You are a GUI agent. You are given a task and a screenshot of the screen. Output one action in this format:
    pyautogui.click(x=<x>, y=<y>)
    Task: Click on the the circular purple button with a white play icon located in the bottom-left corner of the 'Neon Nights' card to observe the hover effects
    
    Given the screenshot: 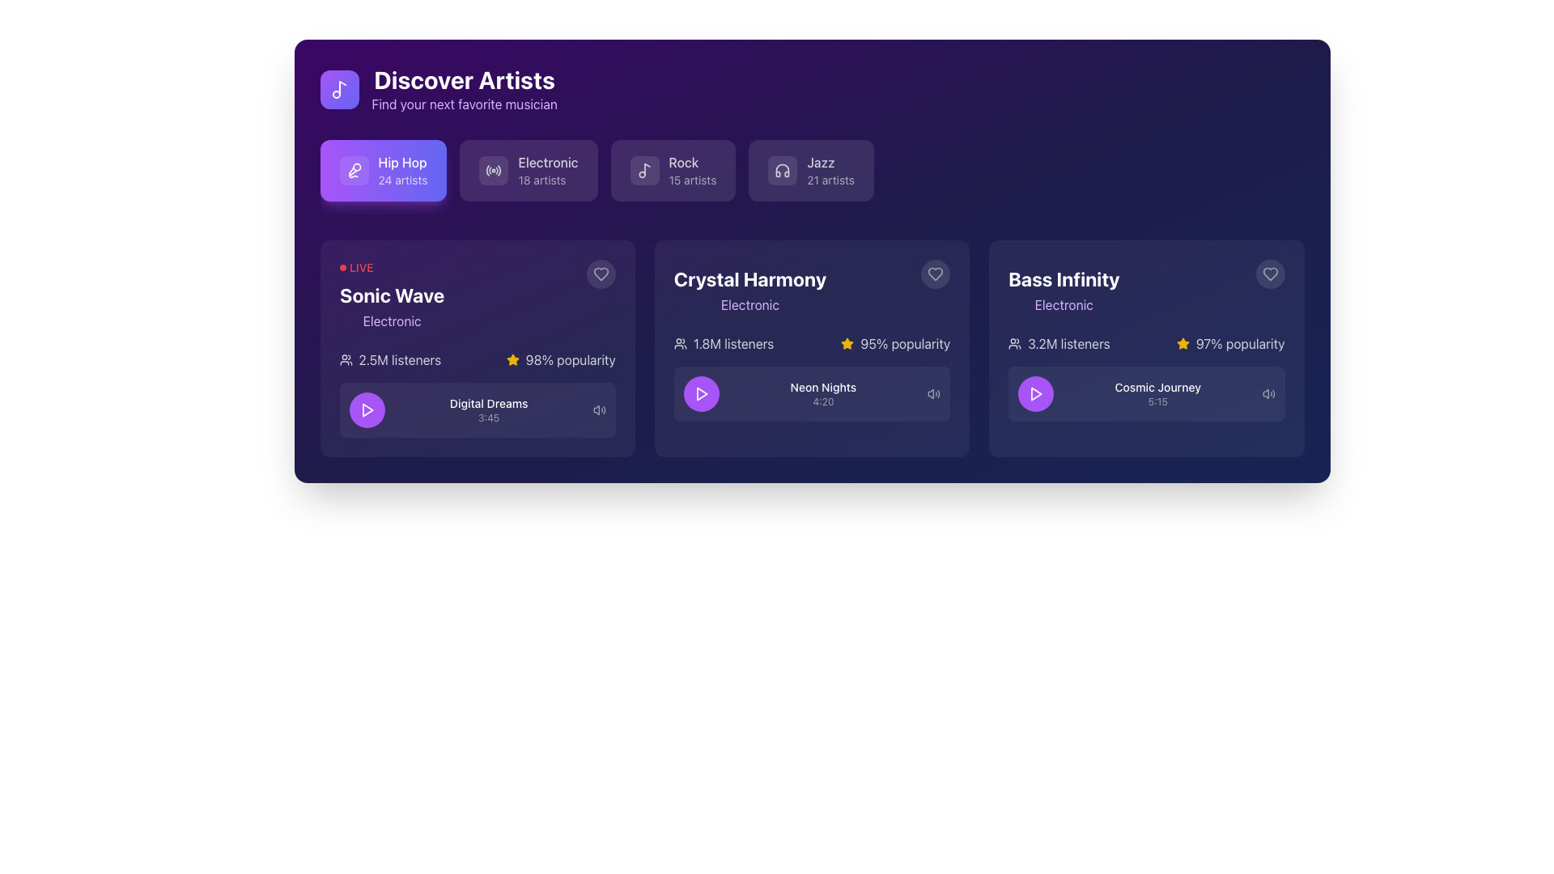 What is the action you would take?
    pyautogui.click(x=701, y=393)
    